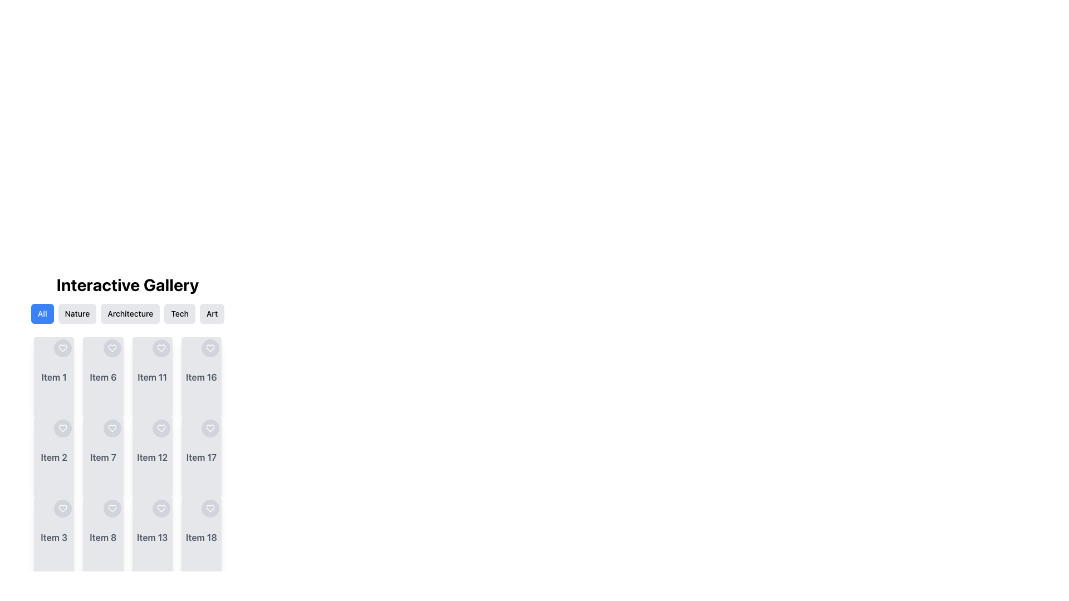  What do you see at coordinates (151, 457) in the screenshot?
I see `the text label 'Item 12' located in the third column and fourth row of the grid` at bounding box center [151, 457].